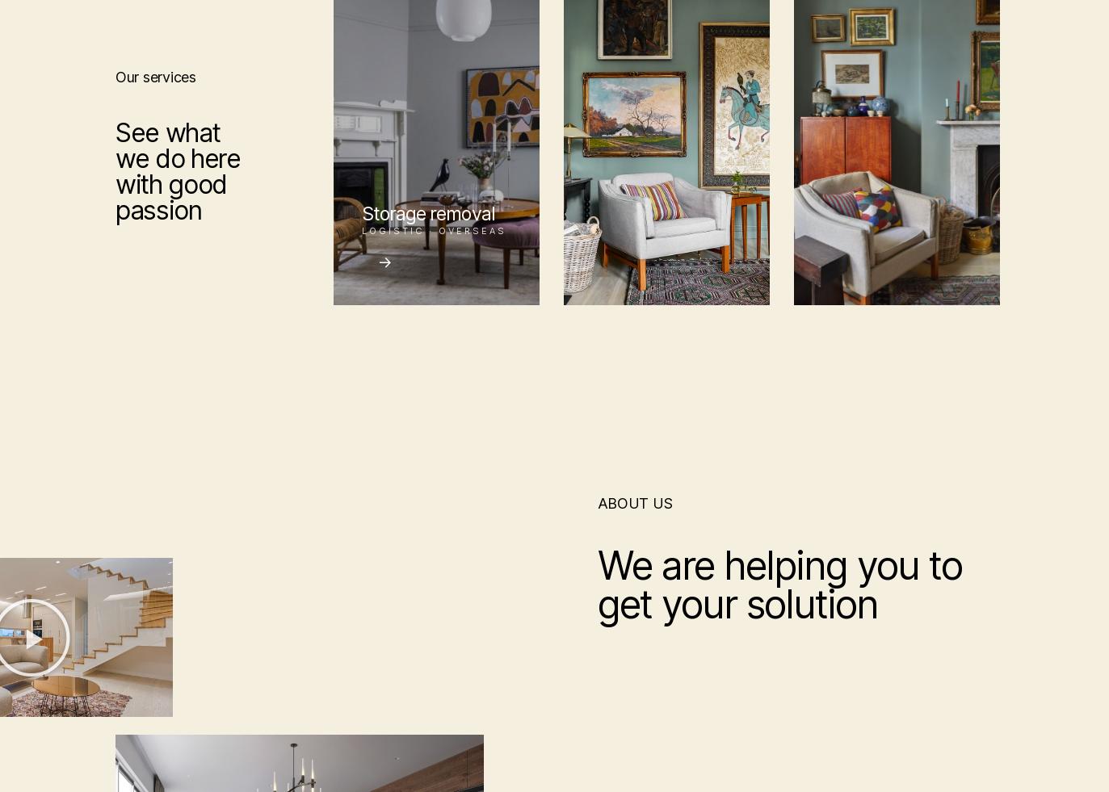  Describe the element at coordinates (775, 620) in the screenshot. I see `'AUP / DMCA'` at that location.